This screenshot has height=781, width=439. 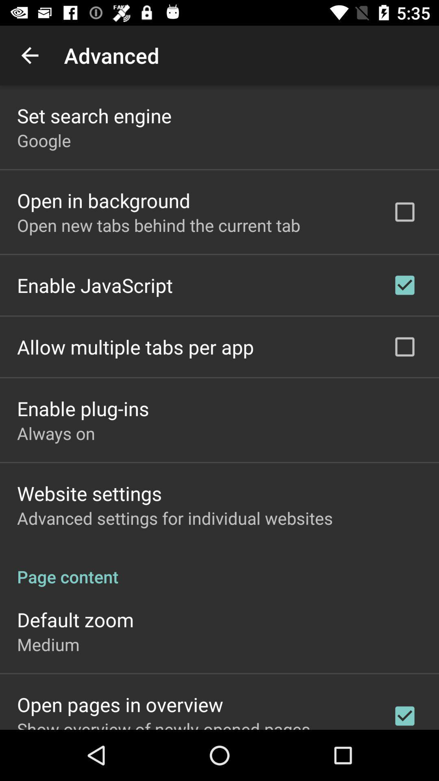 I want to click on item below default zoom item, so click(x=48, y=644).